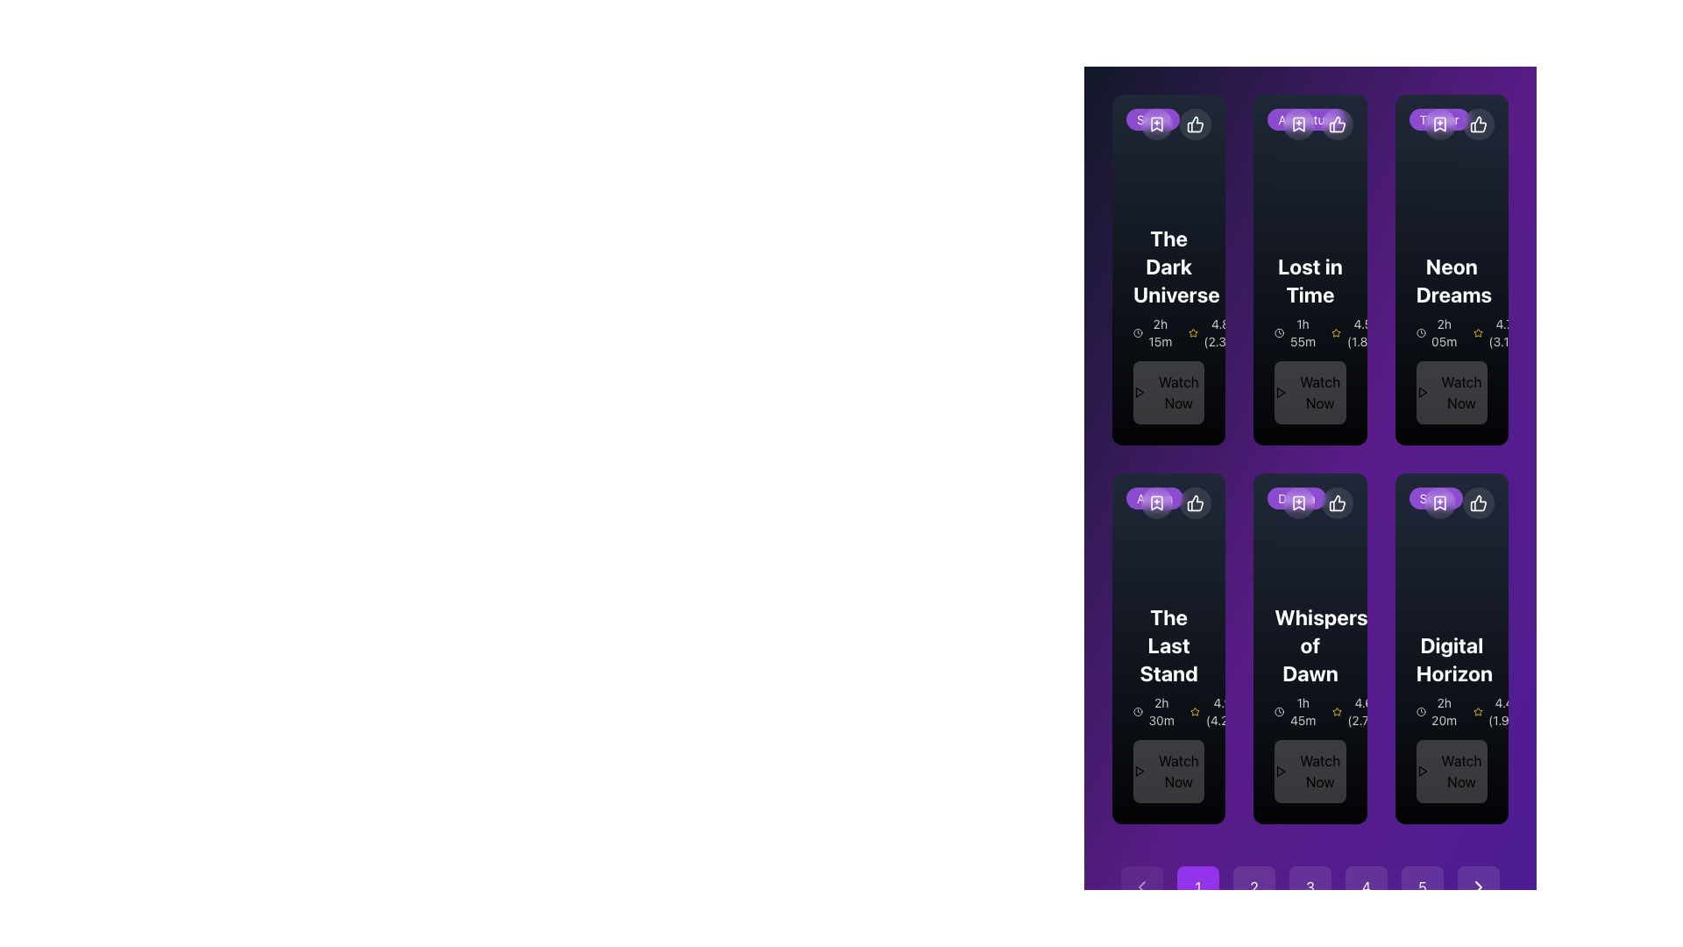  What do you see at coordinates (1439, 118) in the screenshot?
I see `the pill-shaped badge labeled 'Thriller' with a purple semi-transparent background located in the upper-right corner of the 'Neon Dreams' card` at bounding box center [1439, 118].